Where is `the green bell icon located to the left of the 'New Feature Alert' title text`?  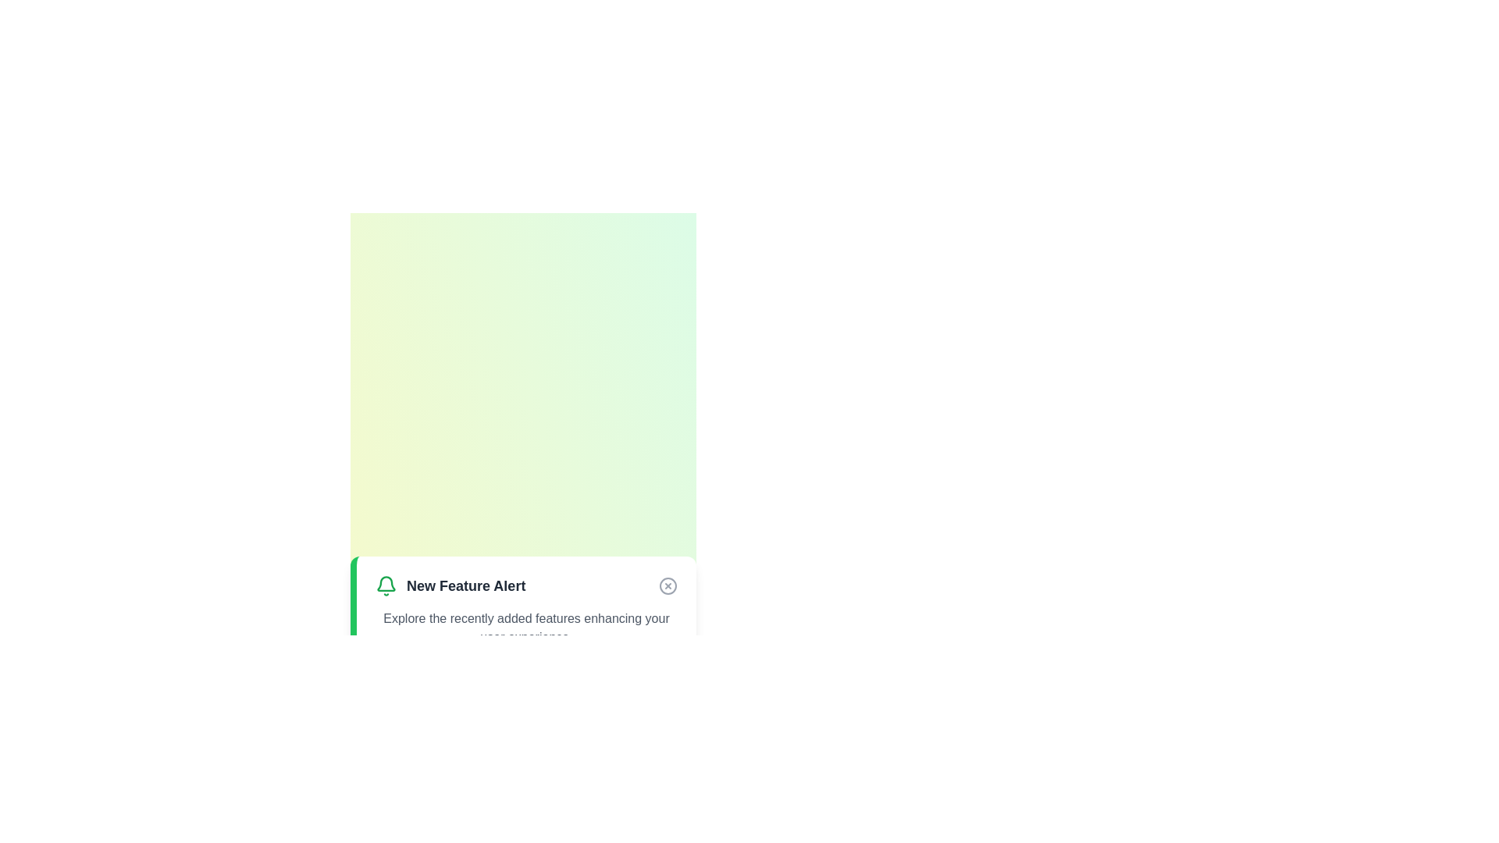
the green bell icon located to the left of the 'New Feature Alert' title text is located at coordinates (386, 586).